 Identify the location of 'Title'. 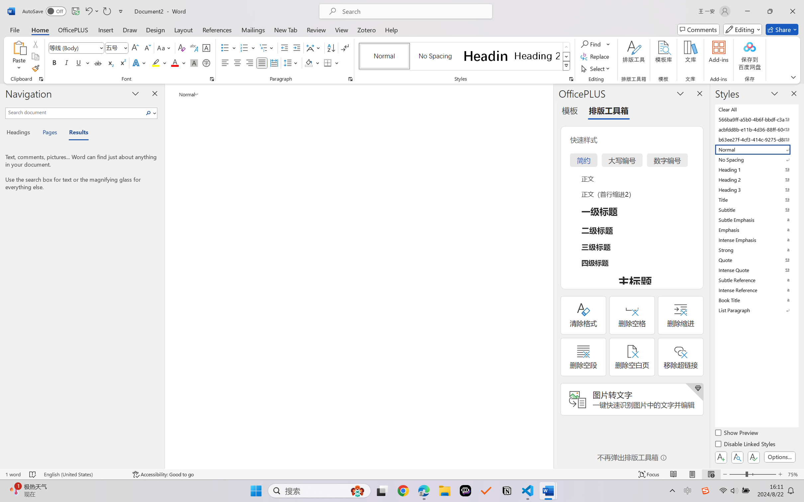
(756, 200).